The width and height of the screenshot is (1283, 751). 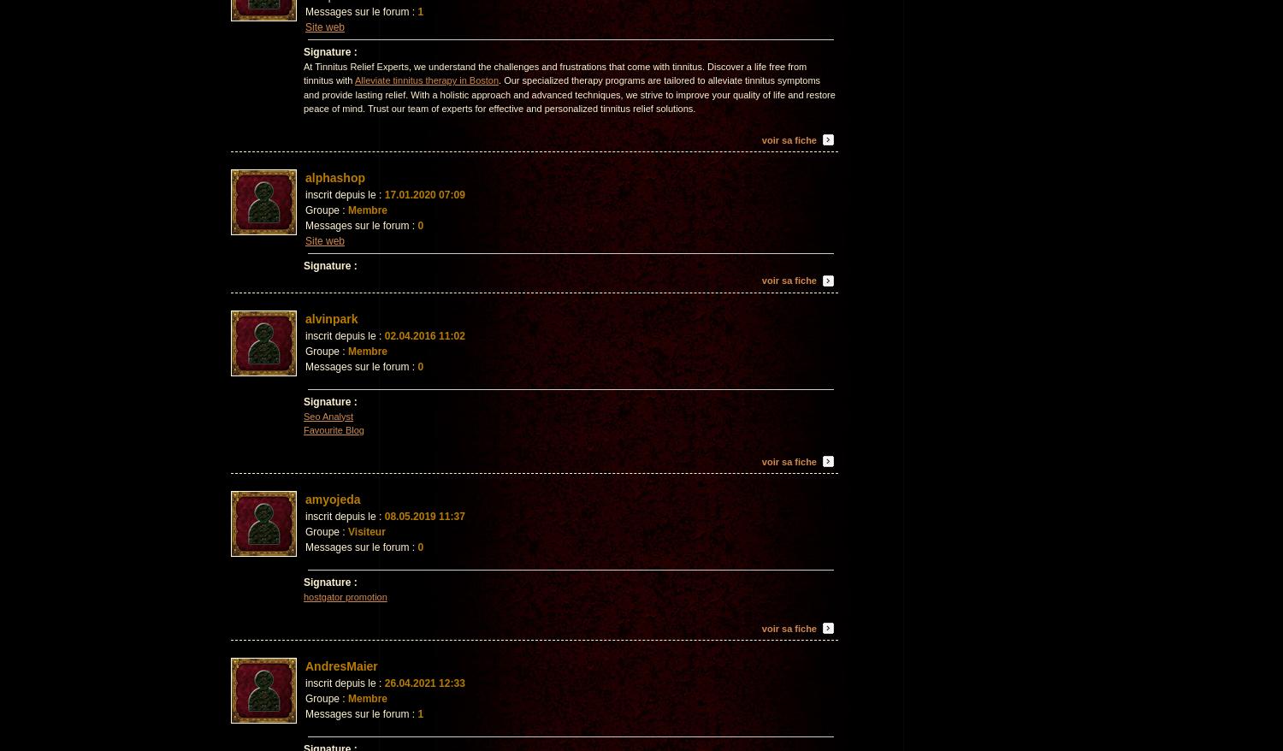 I want to click on 'Seo Analyst', so click(x=328, y=415).